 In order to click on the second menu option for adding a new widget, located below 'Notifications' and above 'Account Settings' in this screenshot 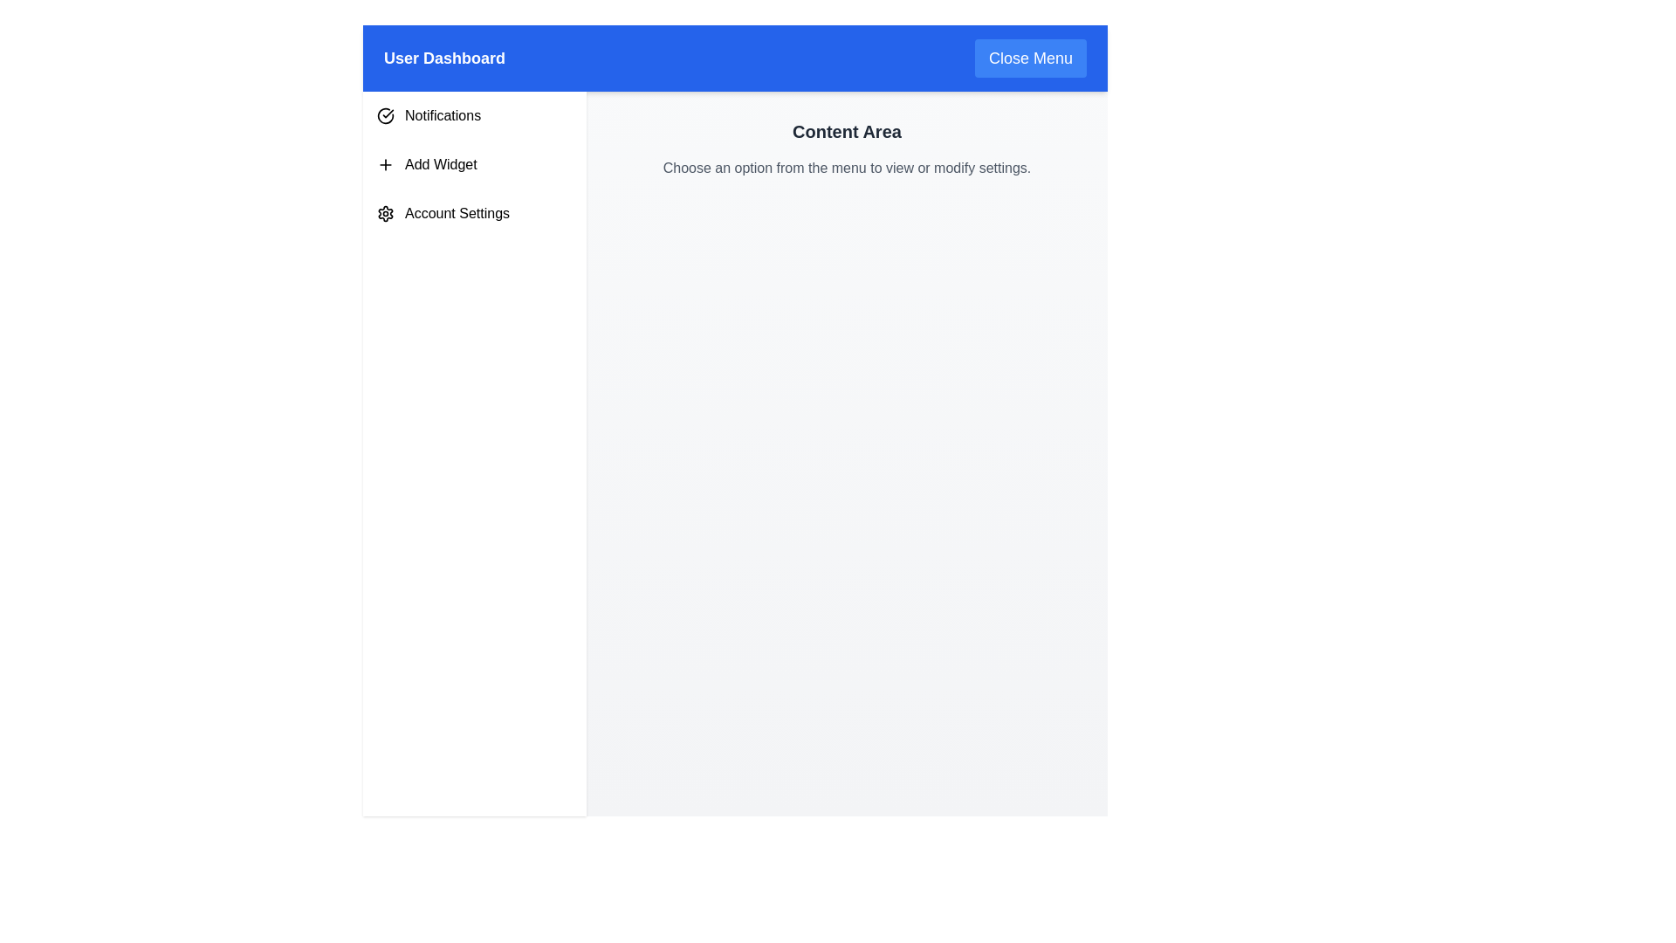, I will do `click(474, 165)`.